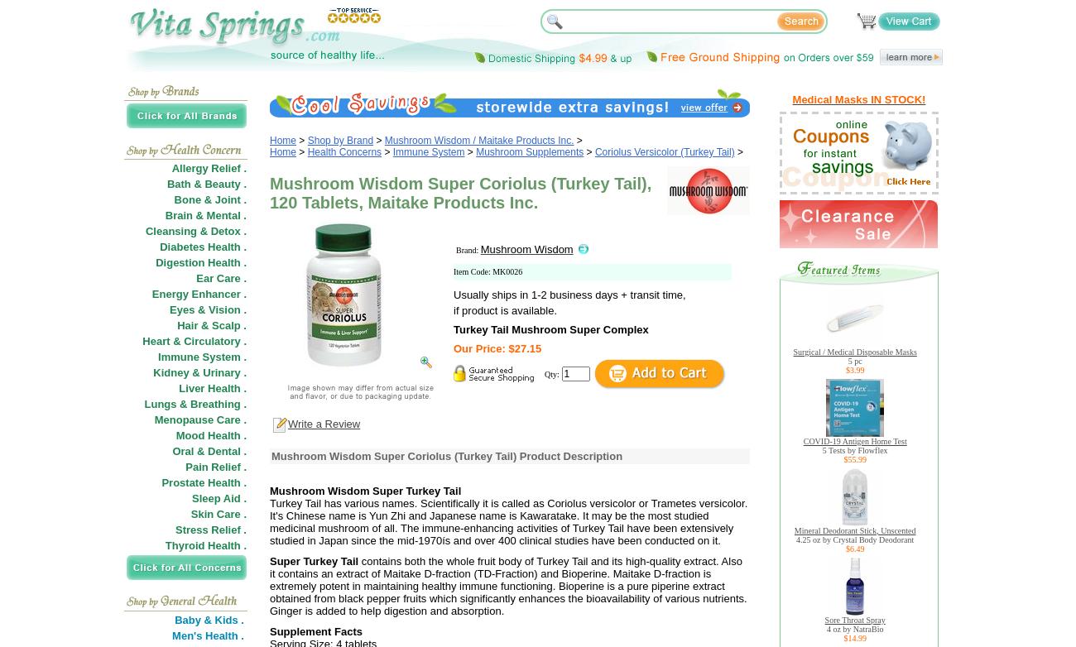  What do you see at coordinates (229, 325) in the screenshot?
I see `'Scalp 
          .'` at bounding box center [229, 325].